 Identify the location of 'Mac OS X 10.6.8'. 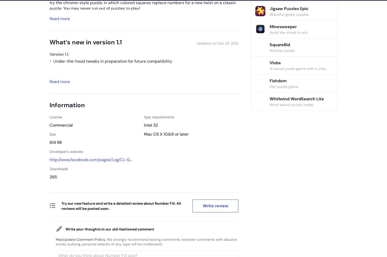
(144, 134).